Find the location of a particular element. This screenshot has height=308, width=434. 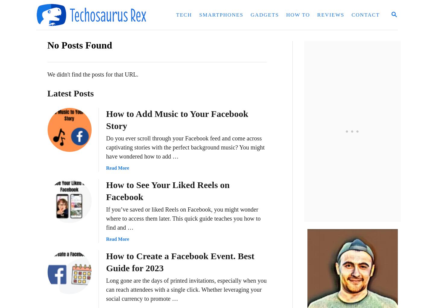

'How To' is located at coordinates (297, 14).